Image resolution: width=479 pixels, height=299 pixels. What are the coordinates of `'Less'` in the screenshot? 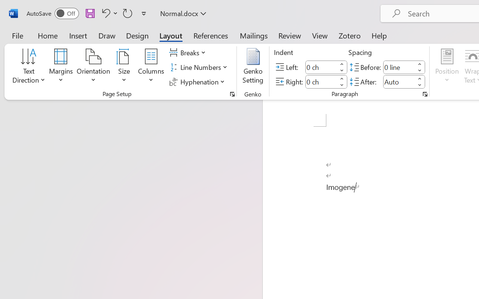 It's located at (419, 85).